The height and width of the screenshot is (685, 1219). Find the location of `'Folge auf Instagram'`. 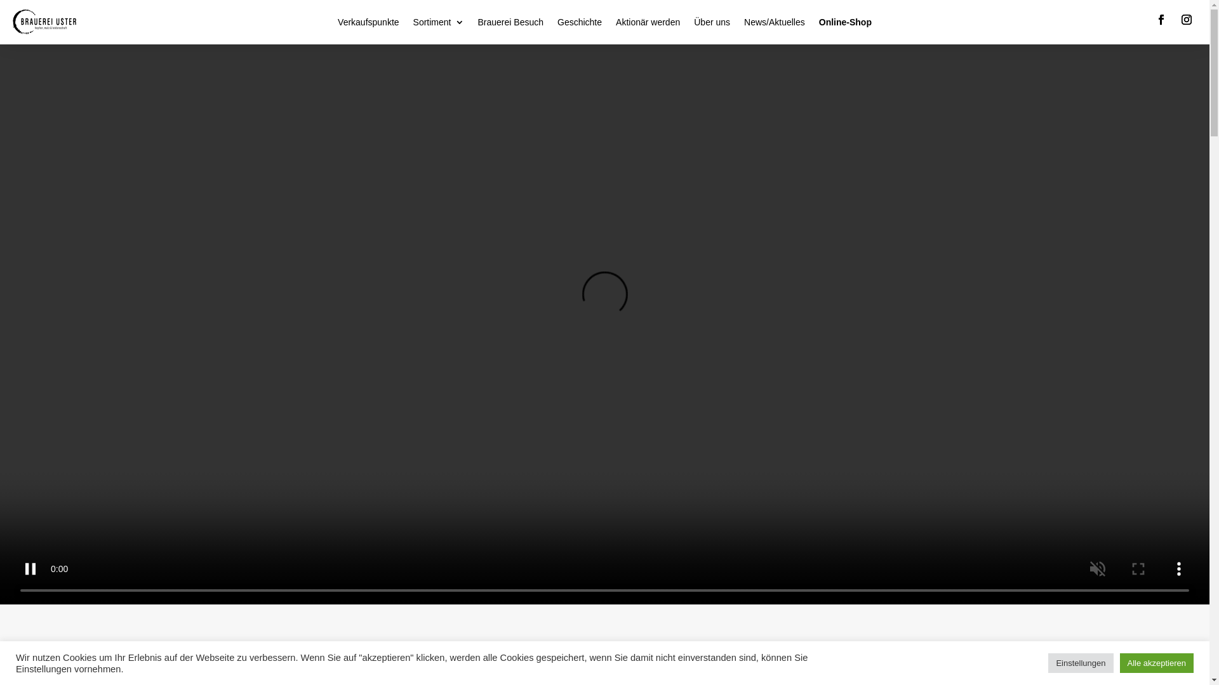

'Folge auf Instagram' is located at coordinates (1185, 19).